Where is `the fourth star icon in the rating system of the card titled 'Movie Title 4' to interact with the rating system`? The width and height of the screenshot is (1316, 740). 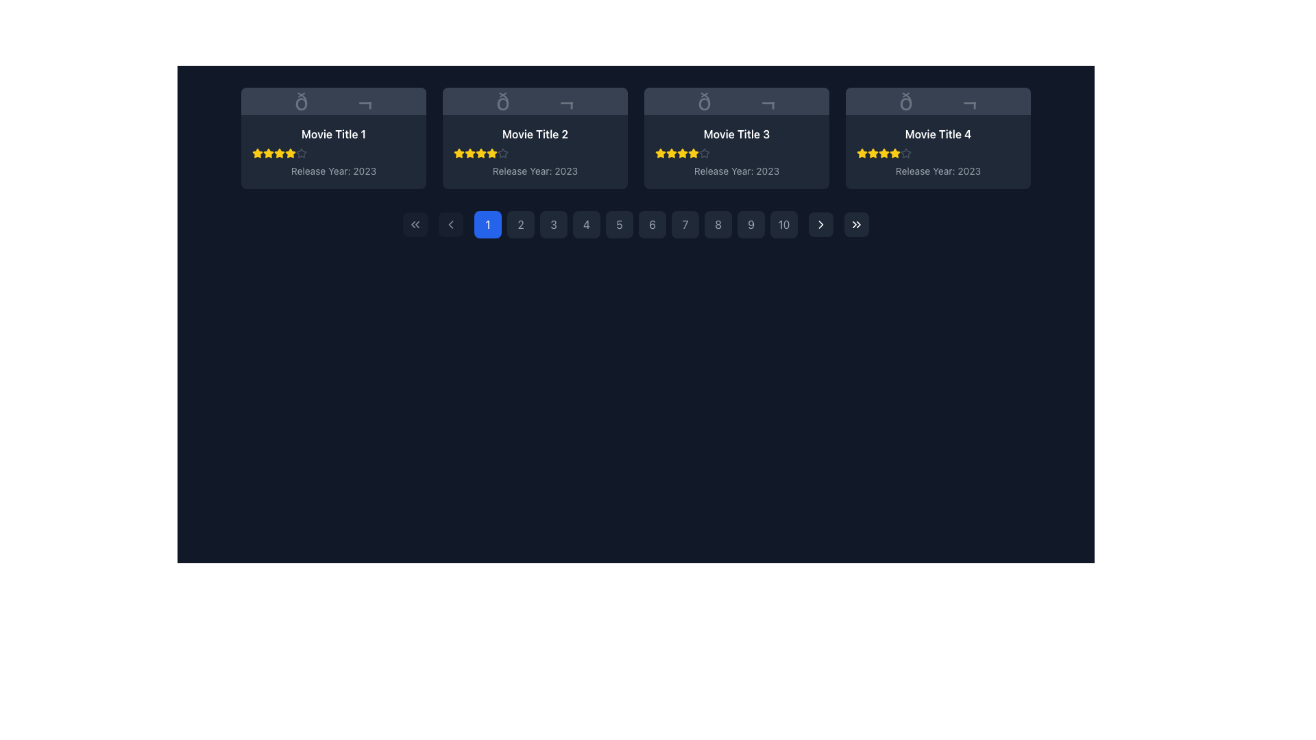
the fourth star icon in the rating system of the card titled 'Movie Title 4' to interact with the rating system is located at coordinates (884, 153).